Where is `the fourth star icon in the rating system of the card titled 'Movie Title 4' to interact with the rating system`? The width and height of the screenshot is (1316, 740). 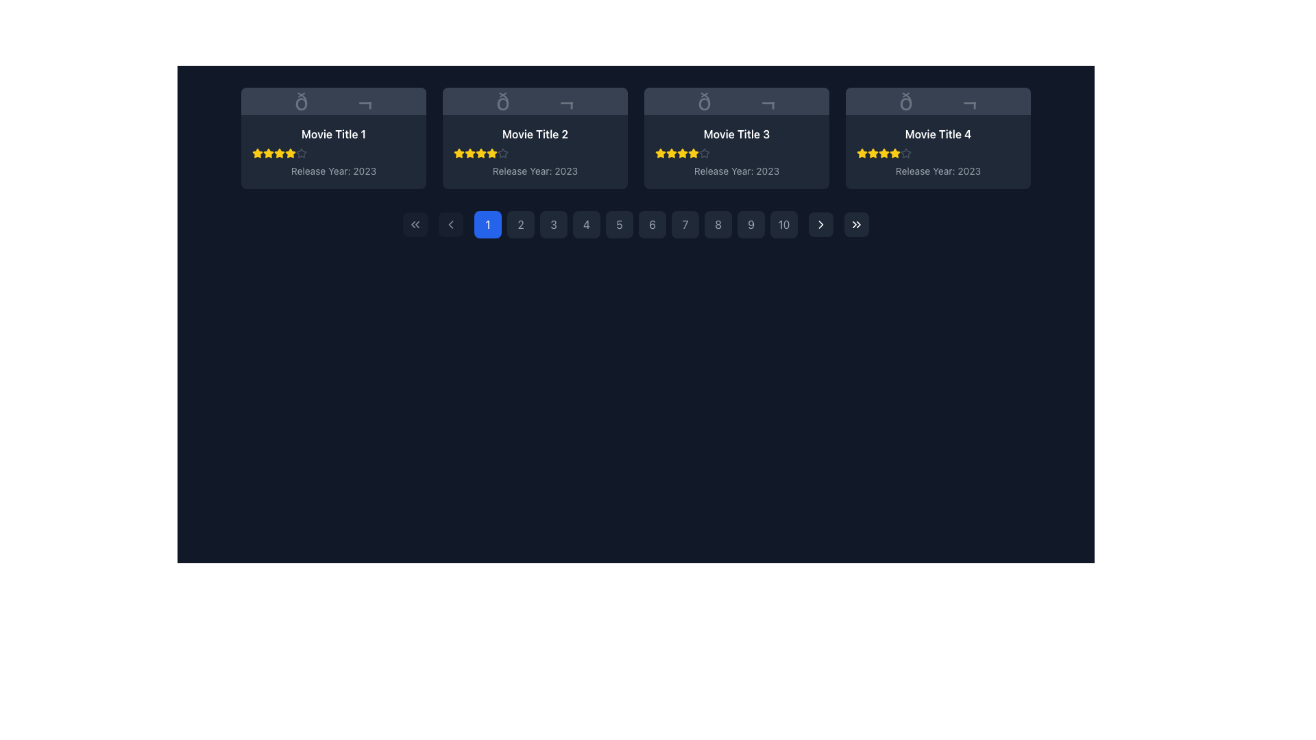
the fourth star icon in the rating system of the card titled 'Movie Title 4' to interact with the rating system is located at coordinates (884, 153).